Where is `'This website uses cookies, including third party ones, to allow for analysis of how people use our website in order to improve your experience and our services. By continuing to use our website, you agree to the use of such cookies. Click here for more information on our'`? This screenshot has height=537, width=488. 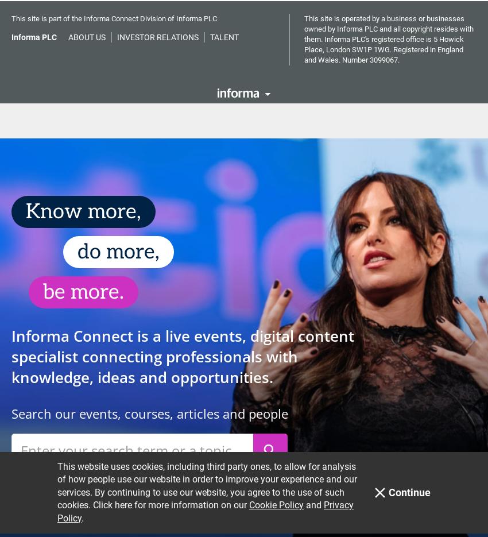 'This website uses cookies, including third party ones, to allow for analysis of how people use our website in order to improve your experience and our services. By continuing to use our website, you agree to the use of such cookies. Click here for more information on our' is located at coordinates (56, 33).